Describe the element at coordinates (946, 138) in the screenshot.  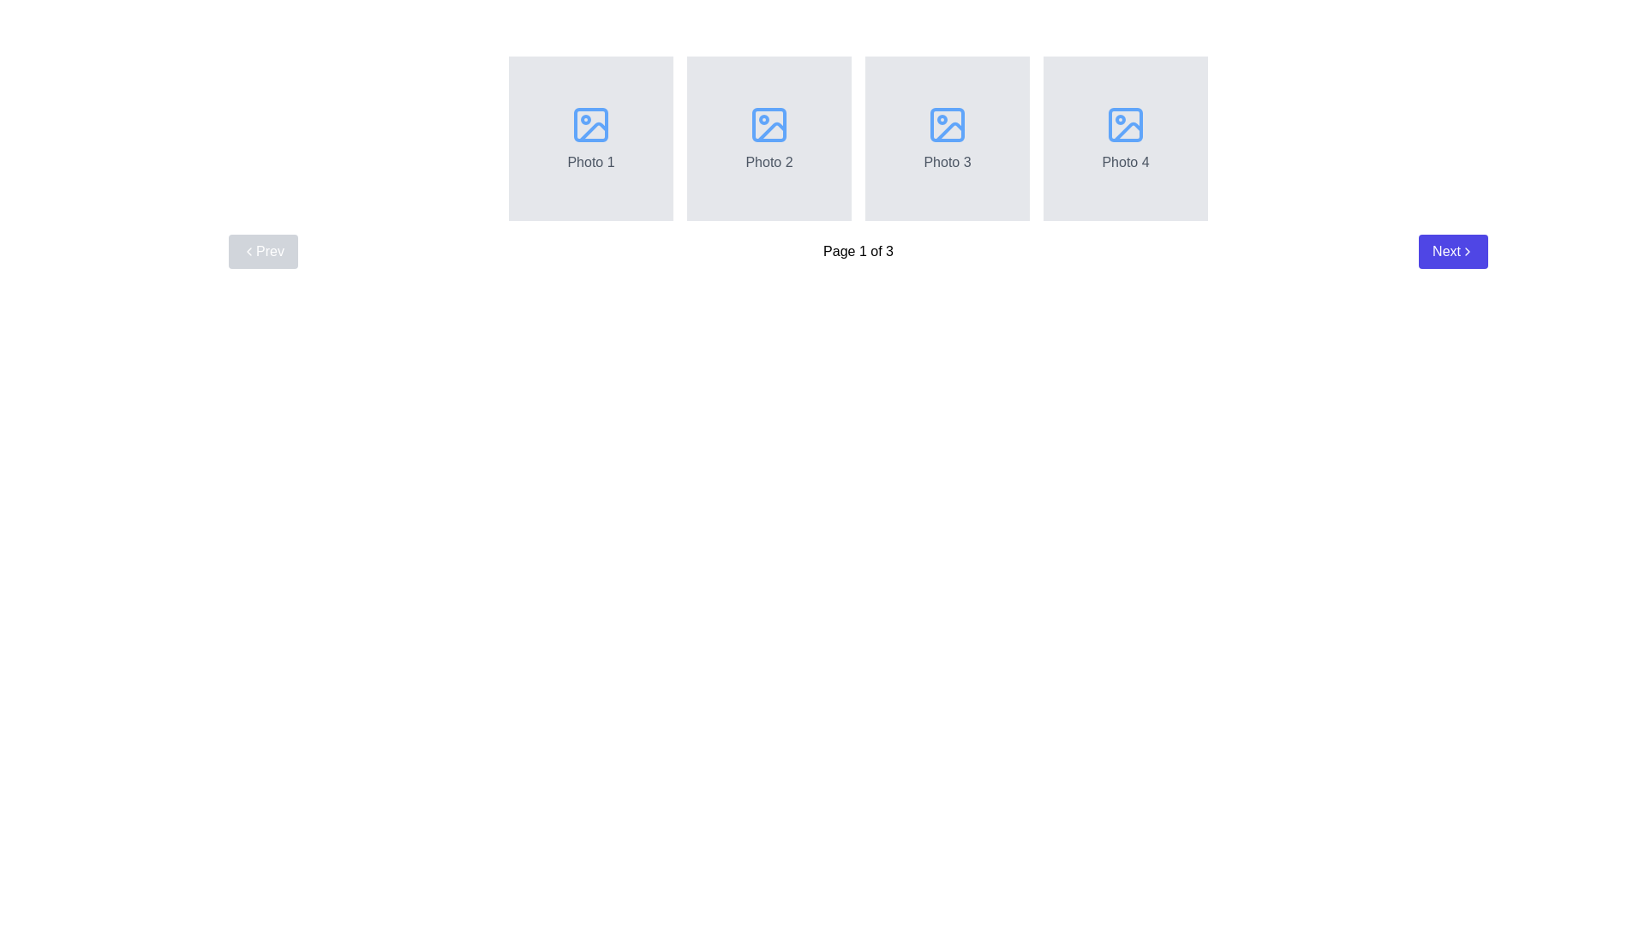
I see `the visual placeholder representing 'Photo 3', which is the third element in a horizontal sequence of four similar items` at that location.